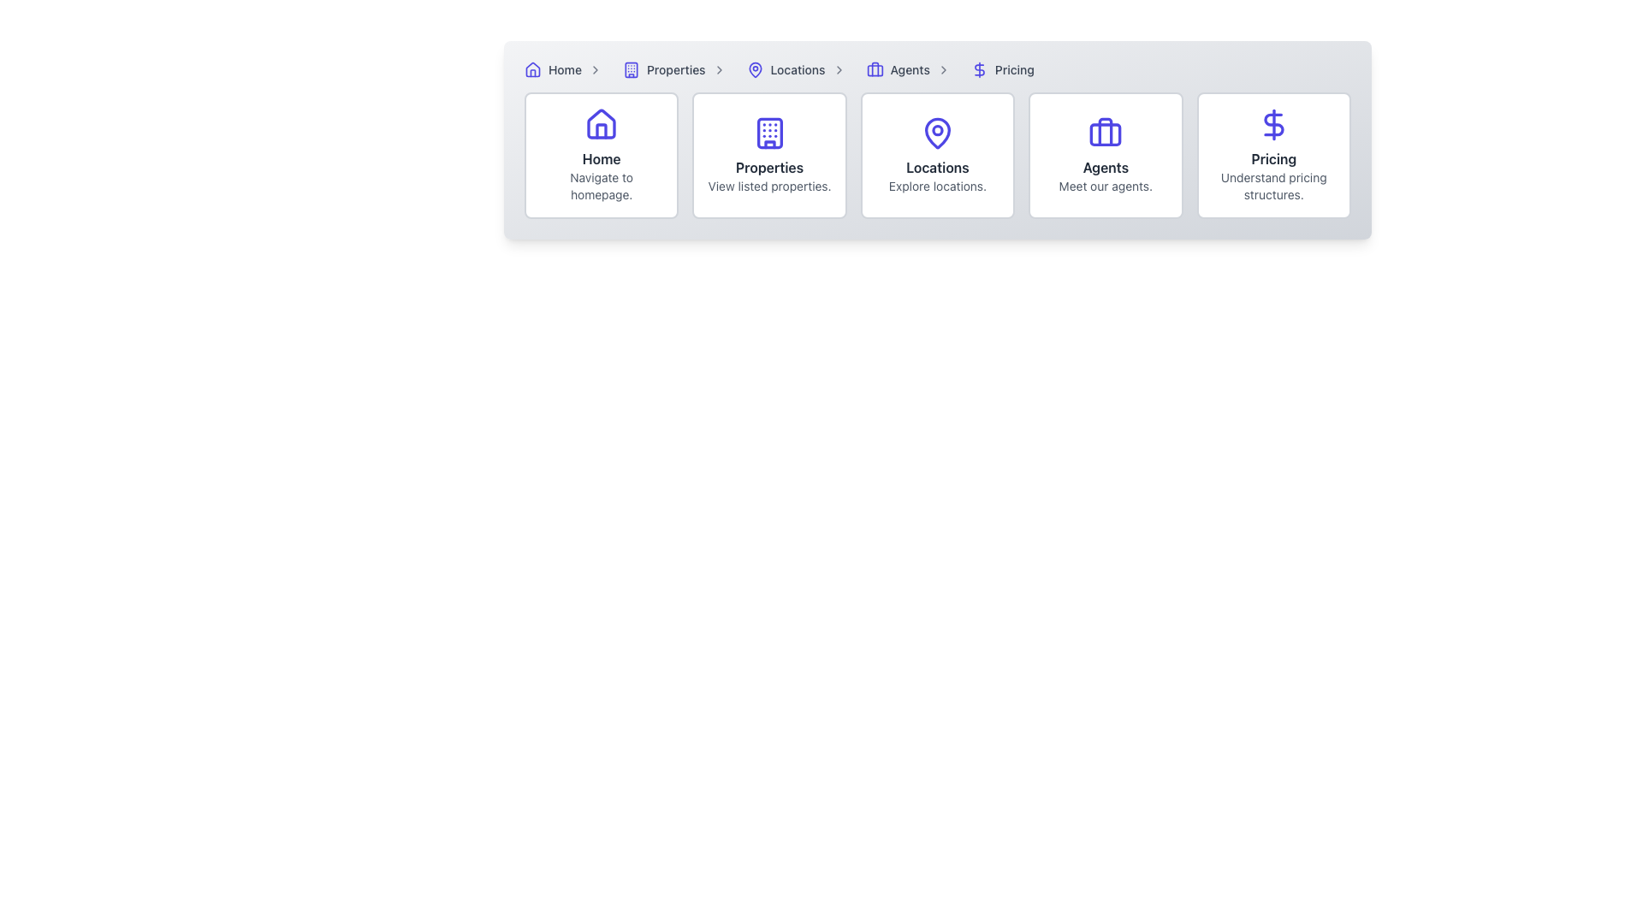 The height and width of the screenshot is (924, 1643). What do you see at coordinates (910, 68) in the screenshot?
I see `the 'Agents' breadcrumb navigation item, which is the fourth item in the breadcrumb sequence` at bounding box center [910, 68].